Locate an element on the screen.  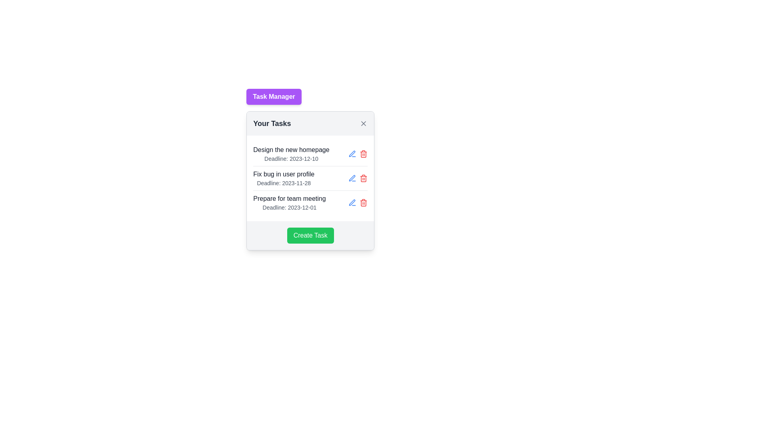
the deadline text label located below the title 'Design the new homepage' in the 'Your Tasks' popup interface is located at coordinates (291, 159).